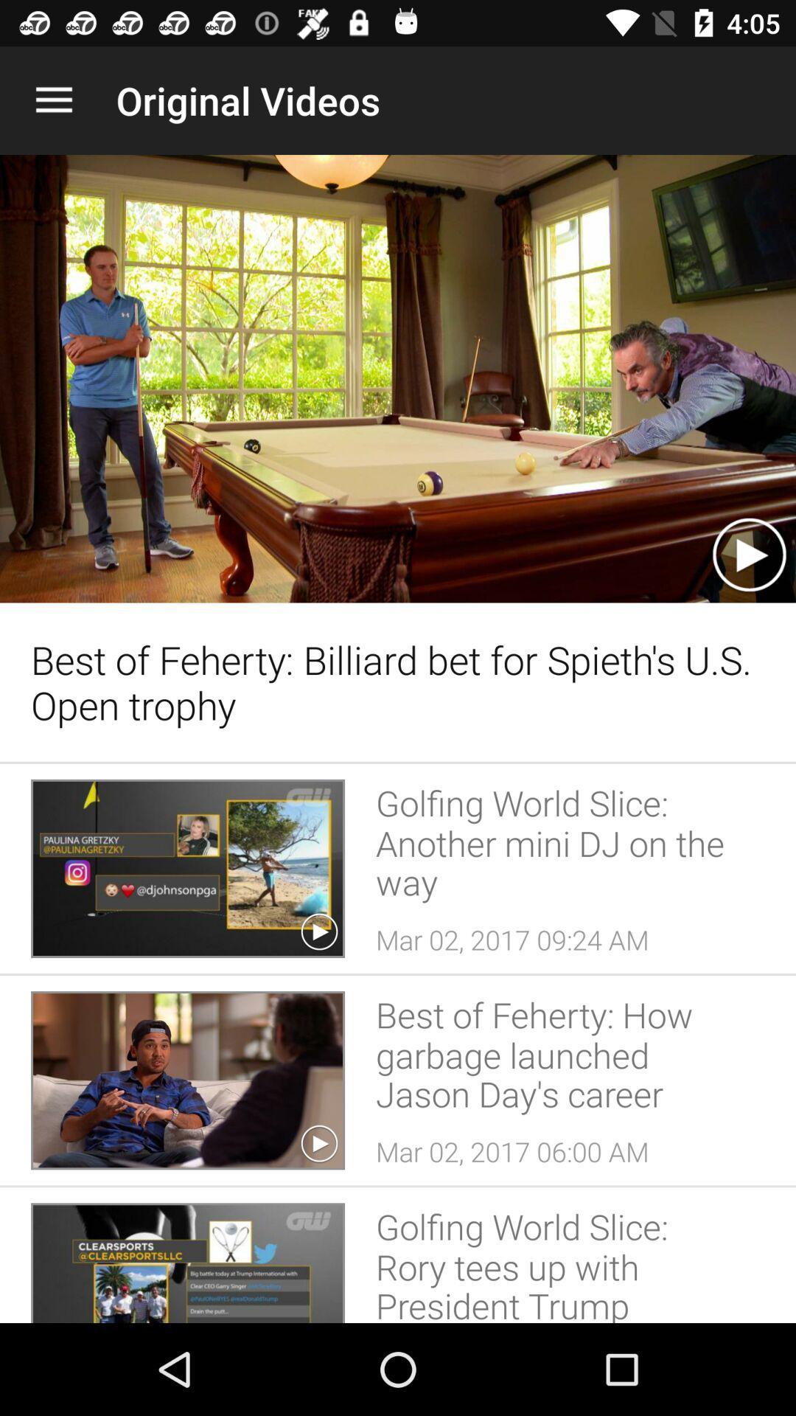 The image size is (796, 1416). What do you see at coordinates (53, 100) in the screenshot?
I see `icon next to original videos icon` at bounding box center [53, 100].